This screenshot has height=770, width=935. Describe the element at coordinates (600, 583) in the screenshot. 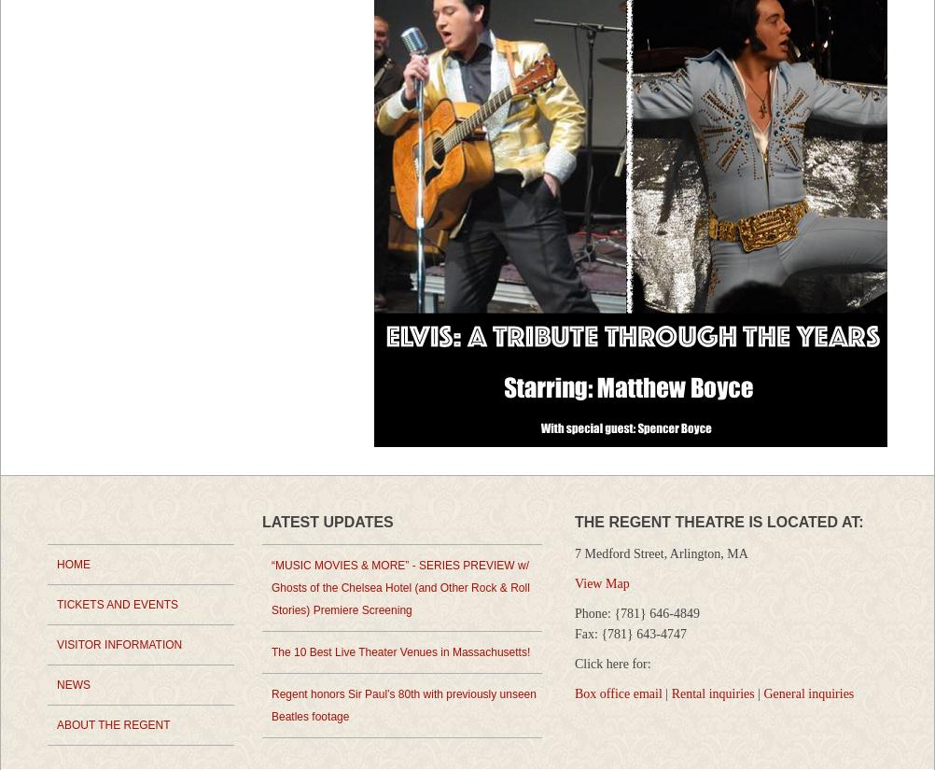

I see `'View Map'` at that location.